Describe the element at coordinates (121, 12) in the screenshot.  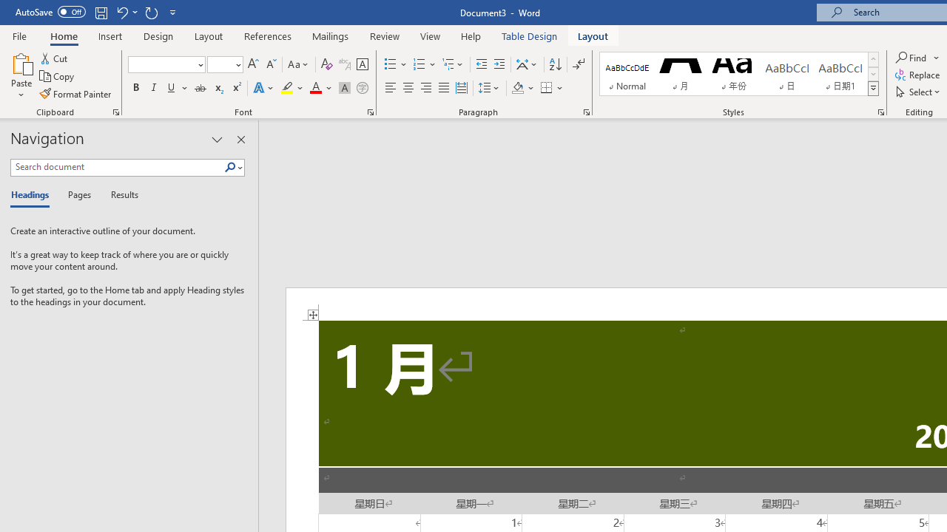
I see `'Undo Apply Quick Style'` at that location.